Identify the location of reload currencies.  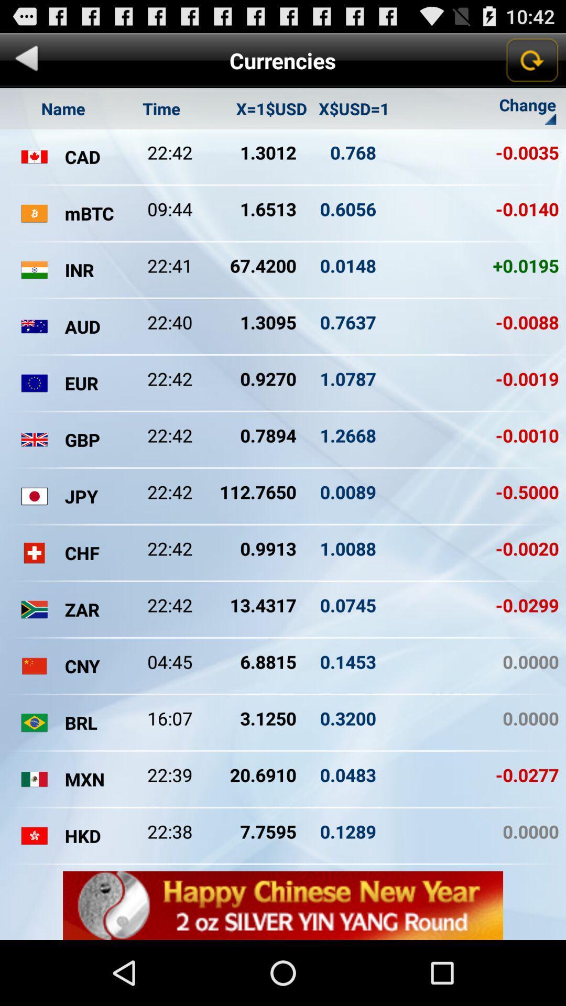
(531, 60).